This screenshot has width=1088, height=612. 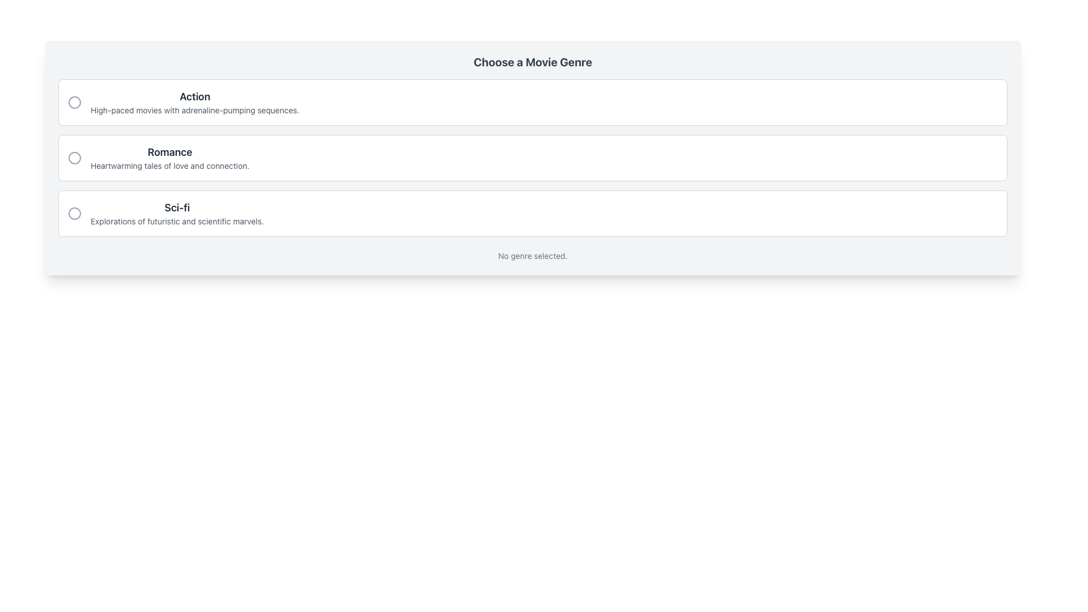 What do you see at coordinates (74, 158) in the screenshot?
I see `the radio button for 'Romance' movie genre selection` at bounding box center [74, 158].